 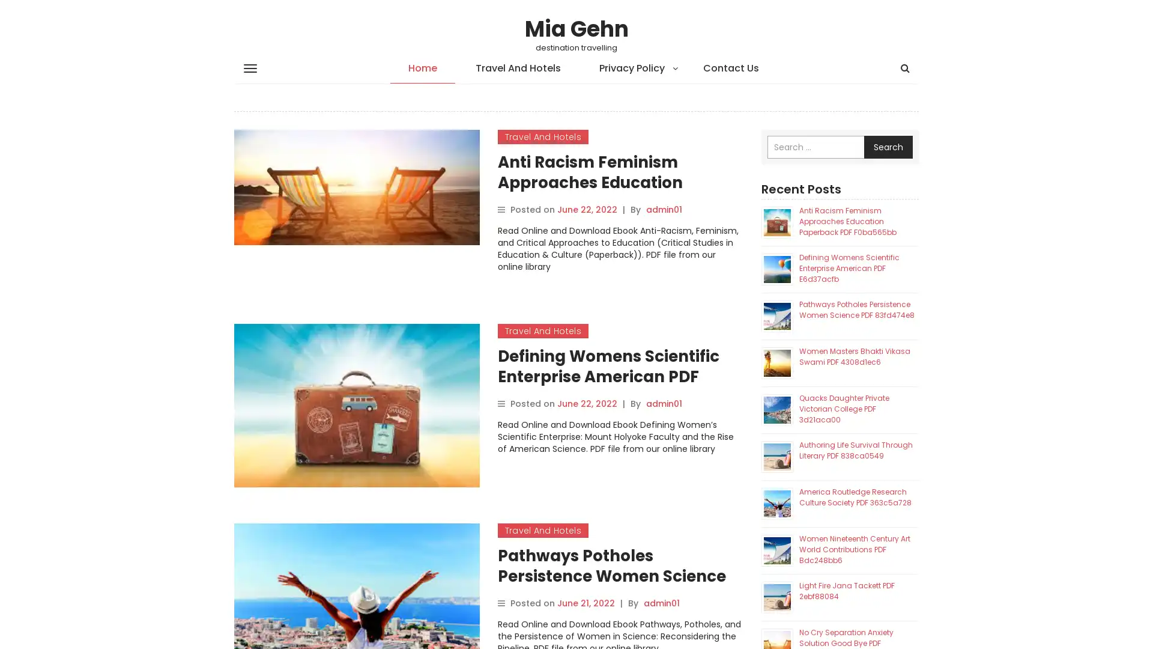 I want to click on Search, so click(x=888, y=147).